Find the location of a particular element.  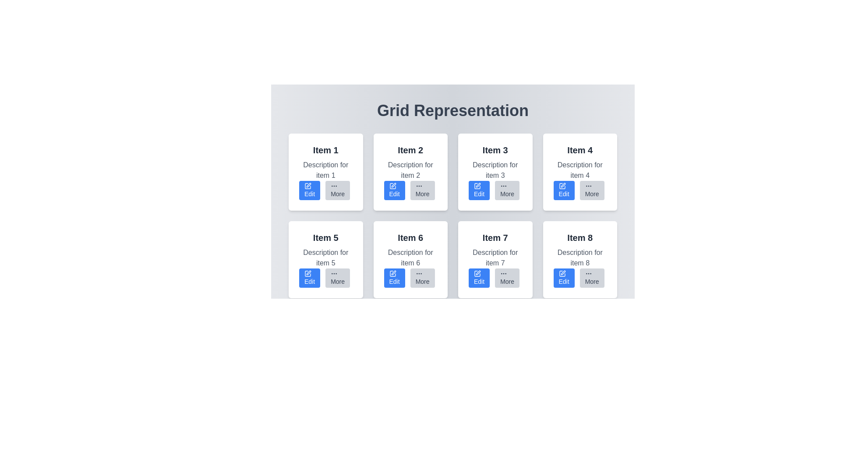

the text component displaying 'Description for item 4' in gray font, which is located under the 'Item 4' title in the fourth grid item of the 'Grid Representation' layout is located at coordinates (580, 170).